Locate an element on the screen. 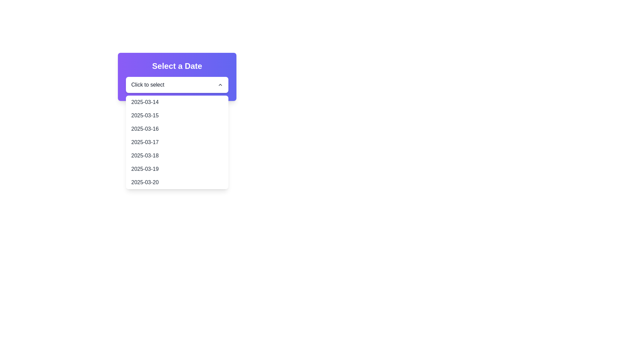 The height and width of the screenshot is (361, 643). the dropdown list option for the date '2025-03-17' is located at coordinates (144, 142).